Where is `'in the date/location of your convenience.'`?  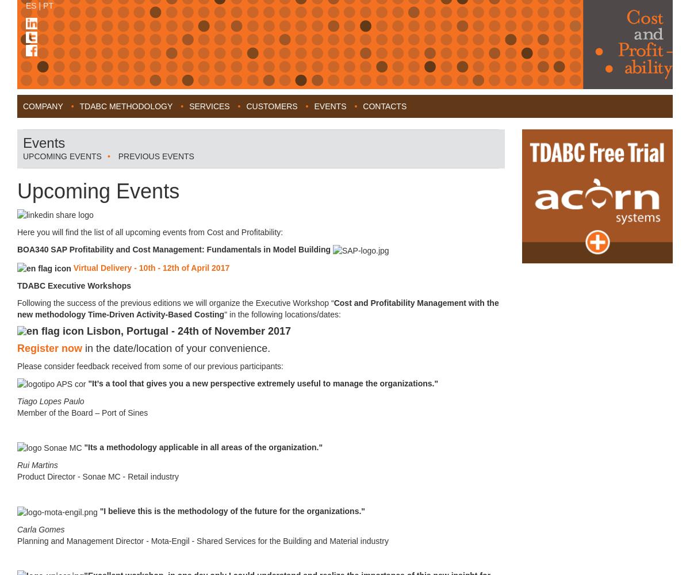 'in the date/location of your convenience.' is located at coordinates (176, 348).